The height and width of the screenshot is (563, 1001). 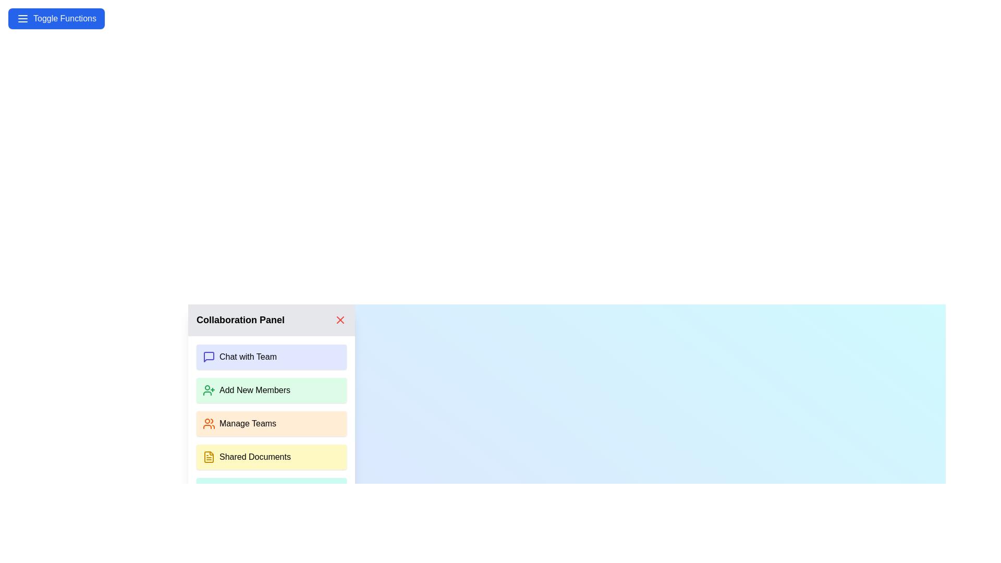 What do you see at coordinates (247, 424) in the screenshot?
I see `static text label indicating the 'Manage Teams' functionality located in the Collaboration Panel, which is the third entry in the vertical list, positioned between 'Add New Members' and 'Shared Documents'` at bounding box center [247, 424].